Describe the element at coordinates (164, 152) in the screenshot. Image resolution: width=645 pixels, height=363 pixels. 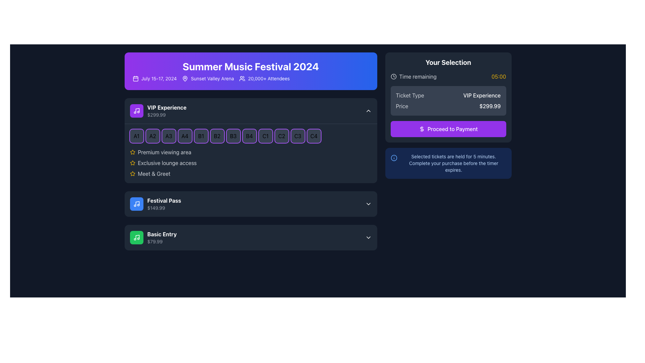
I see `the text label displaying 'Premium viewing area' which is styled in light gray and positioned under the 'VIP Experience' section` at that location.